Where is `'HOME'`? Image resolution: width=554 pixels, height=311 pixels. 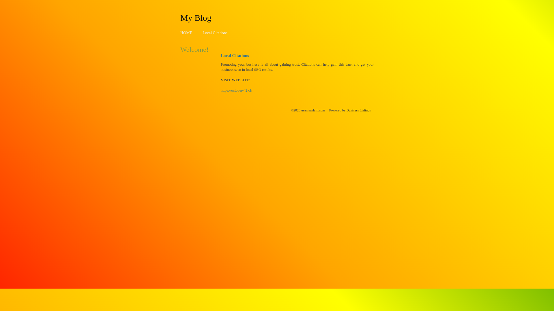
'HOME' is located at coordinates (186, 33).